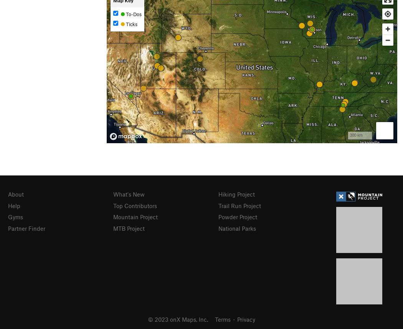  Describe the element at coordinates (245, 319) in the screenshot. I see `'Privacy'` at that location.